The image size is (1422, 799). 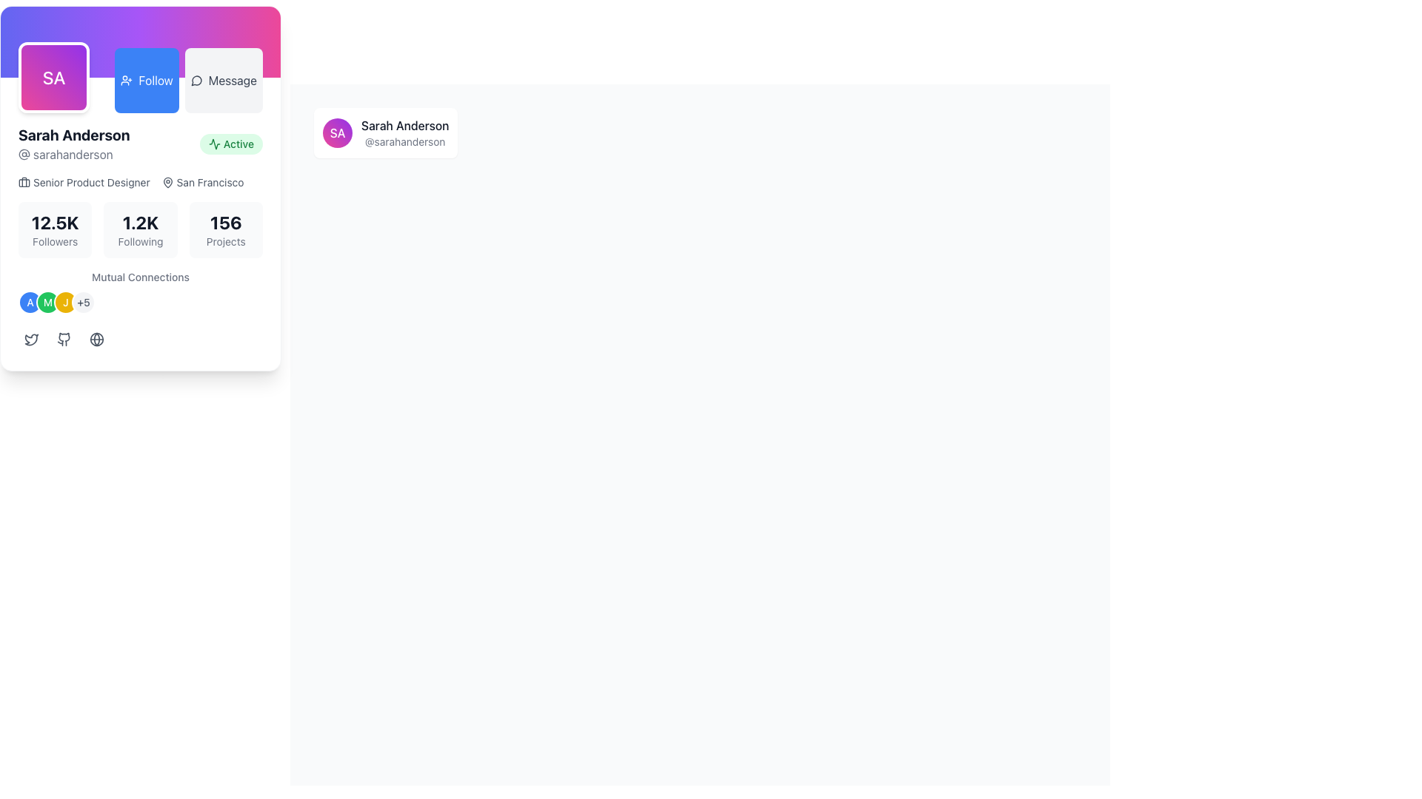 What do you see at coordinates (83, 181) in the screenshot?
I see `the profile associated with the 'Senior Product Designer' label located within the profile card interface` at bounding box center [83, 181].